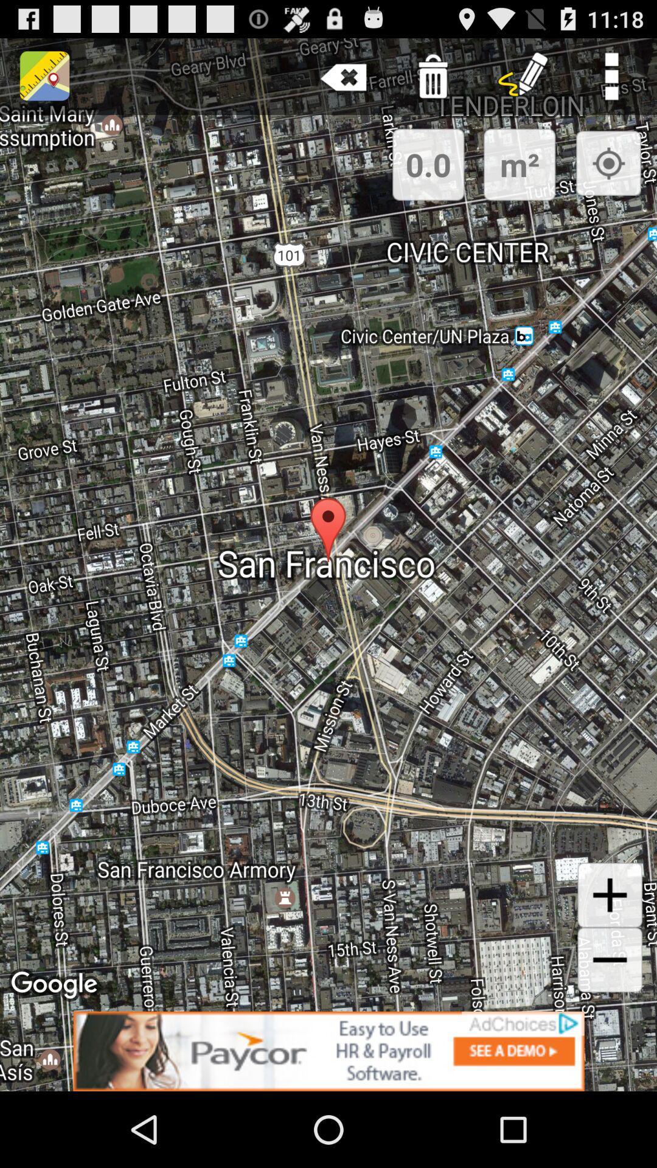  Describe the element at coordinates (328, 1051) in the screenshot. I see `advertisement` at that location.